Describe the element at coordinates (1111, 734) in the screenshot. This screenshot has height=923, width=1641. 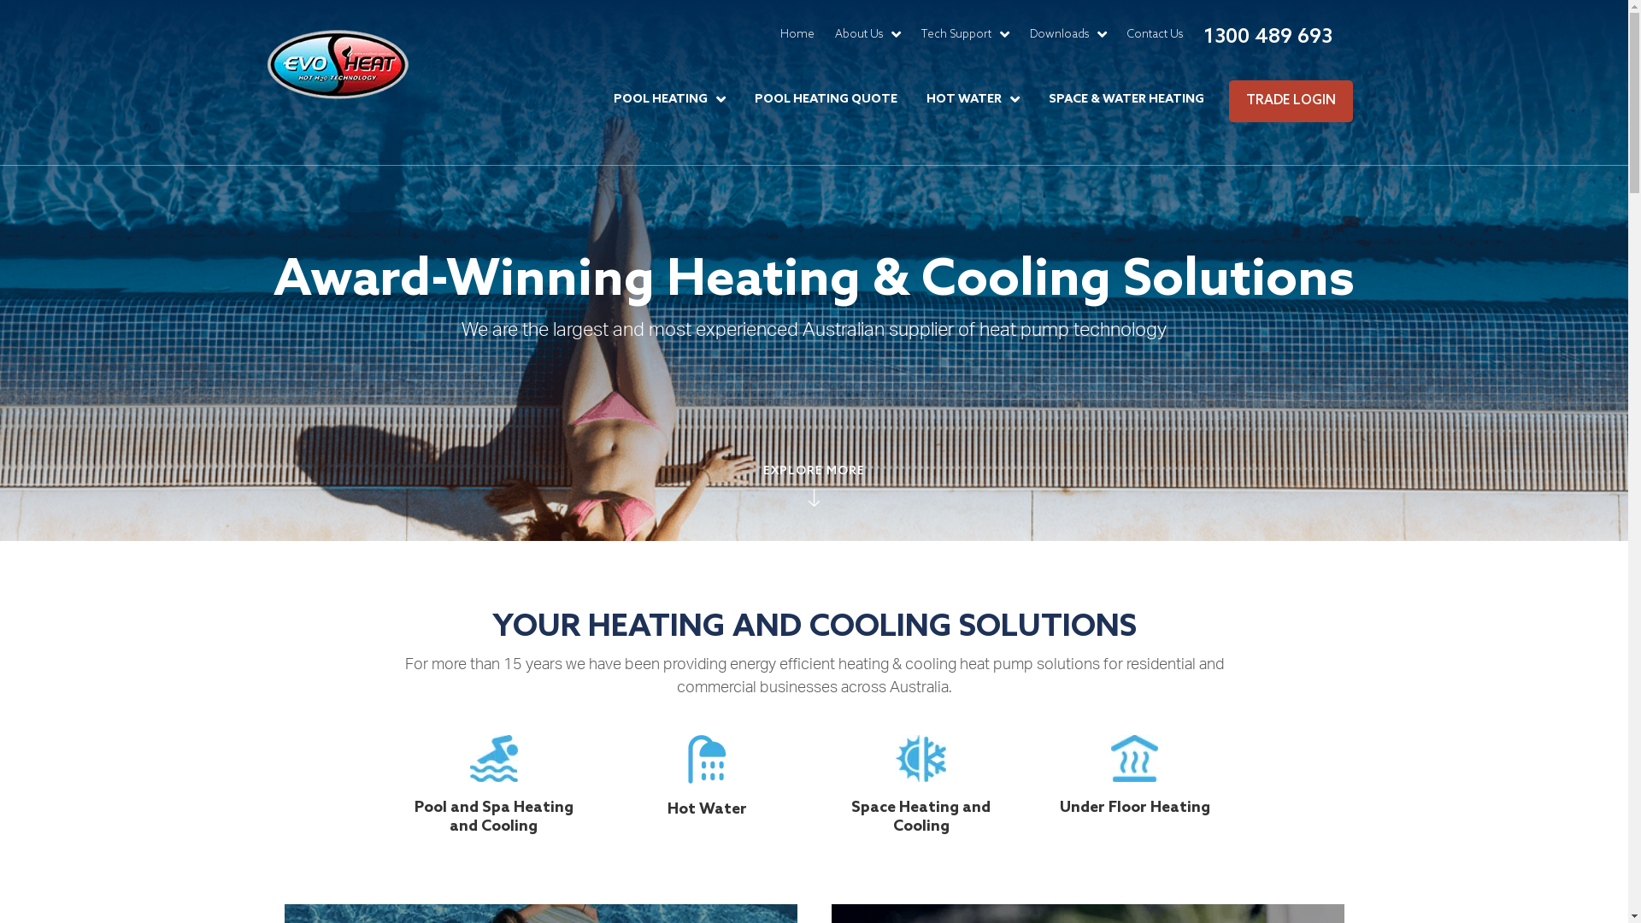
I see `'icon-underfloor'` at that location.